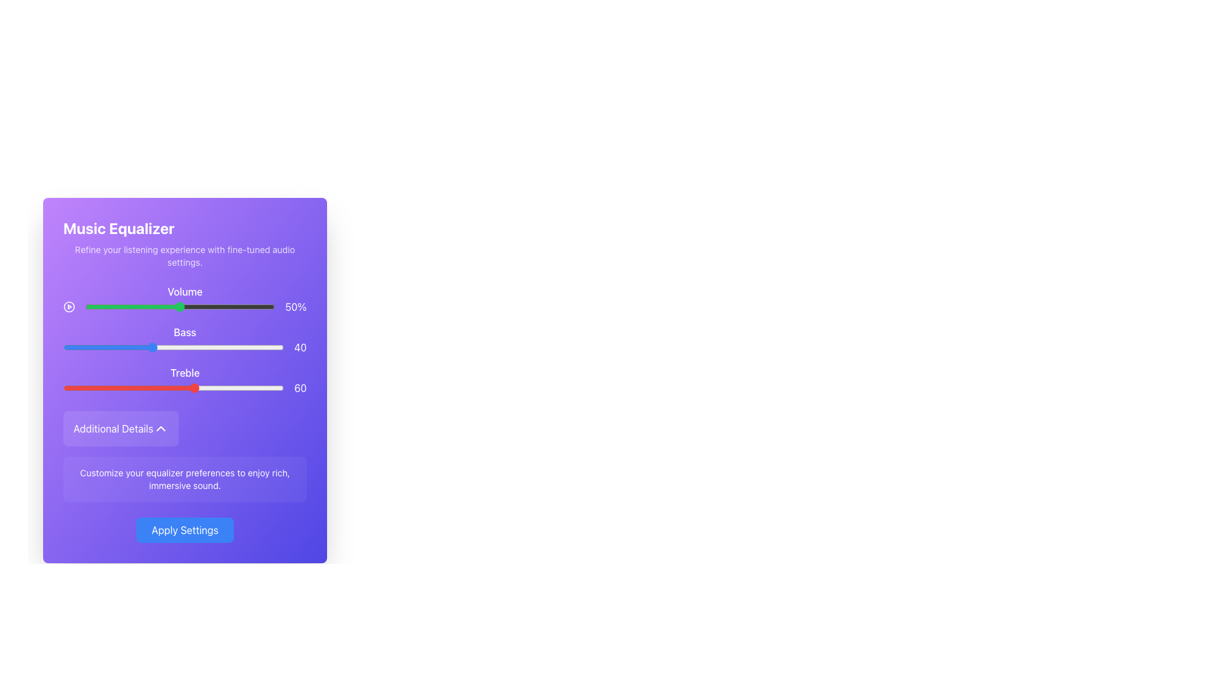  What do you see at coordinates (300, 347) in the screenshot?
I see `the numeric value '40' displayed in a white font against a purple background, located within the 'Bass' slider of the 'Music Equalizer' interface` at bounding box center [300, 347].